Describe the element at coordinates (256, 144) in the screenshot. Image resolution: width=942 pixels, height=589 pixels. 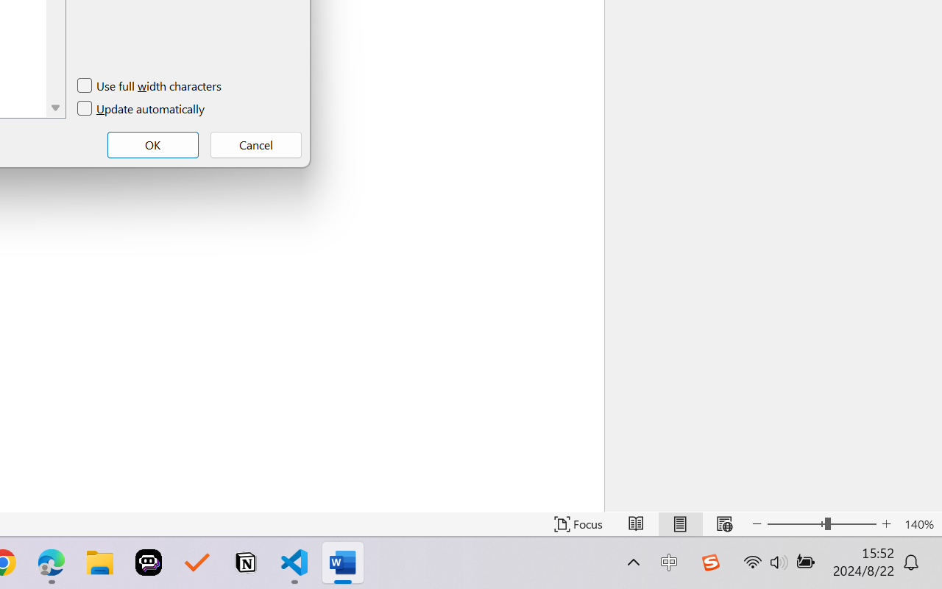
I see `'Cancel'` at that location.